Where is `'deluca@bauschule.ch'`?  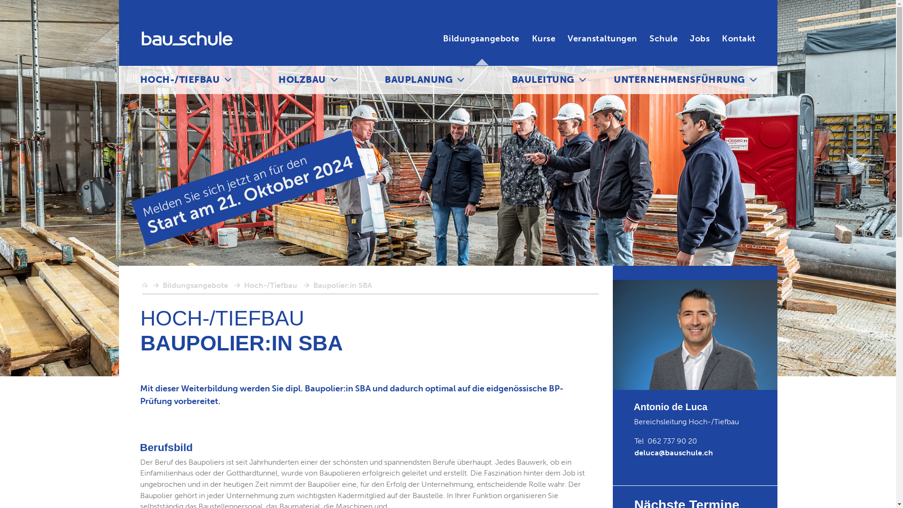
'deluca@bauschule.ch' is located at coordinates (673, 452).